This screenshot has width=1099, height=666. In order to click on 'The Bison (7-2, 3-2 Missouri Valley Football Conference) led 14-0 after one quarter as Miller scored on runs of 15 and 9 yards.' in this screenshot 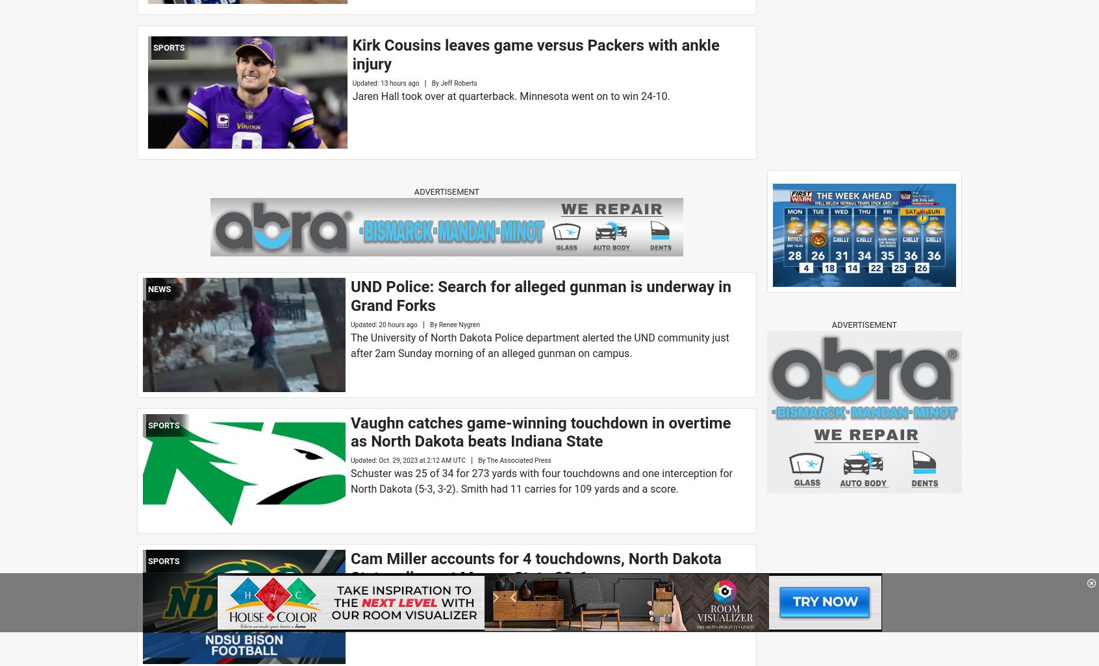, I will do `click(350, 617)`.